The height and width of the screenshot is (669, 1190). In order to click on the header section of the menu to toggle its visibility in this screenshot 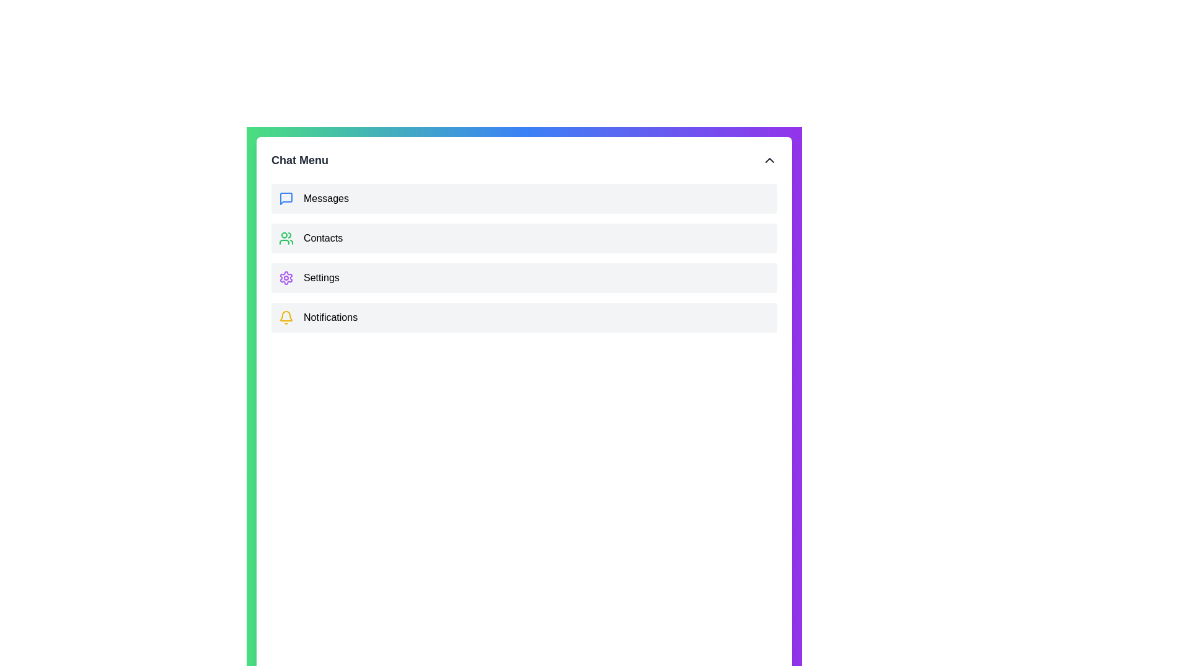, I will do `click(524, 159)`.